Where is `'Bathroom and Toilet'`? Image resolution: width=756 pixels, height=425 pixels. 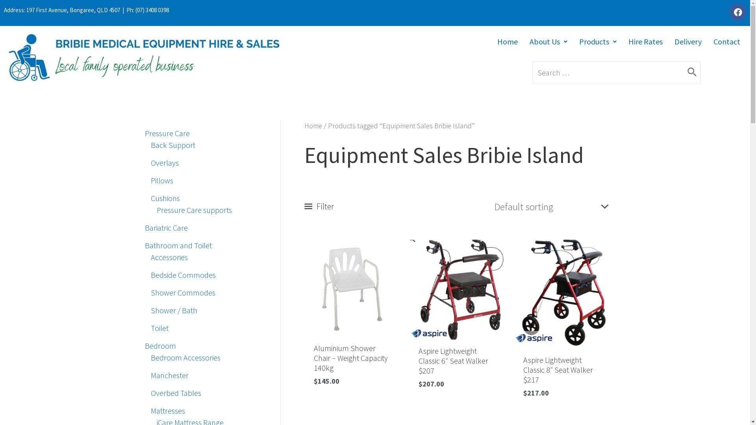
'Bathroom and Toilet' is located at coordinates (145, 245).